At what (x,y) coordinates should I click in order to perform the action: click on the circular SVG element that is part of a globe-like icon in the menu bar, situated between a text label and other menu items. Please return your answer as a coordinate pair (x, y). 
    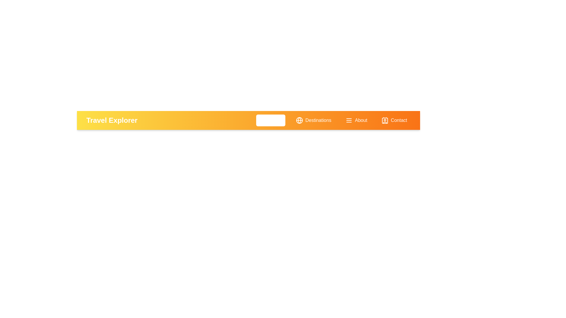
    Looking at the image, I should click on (300, 120).